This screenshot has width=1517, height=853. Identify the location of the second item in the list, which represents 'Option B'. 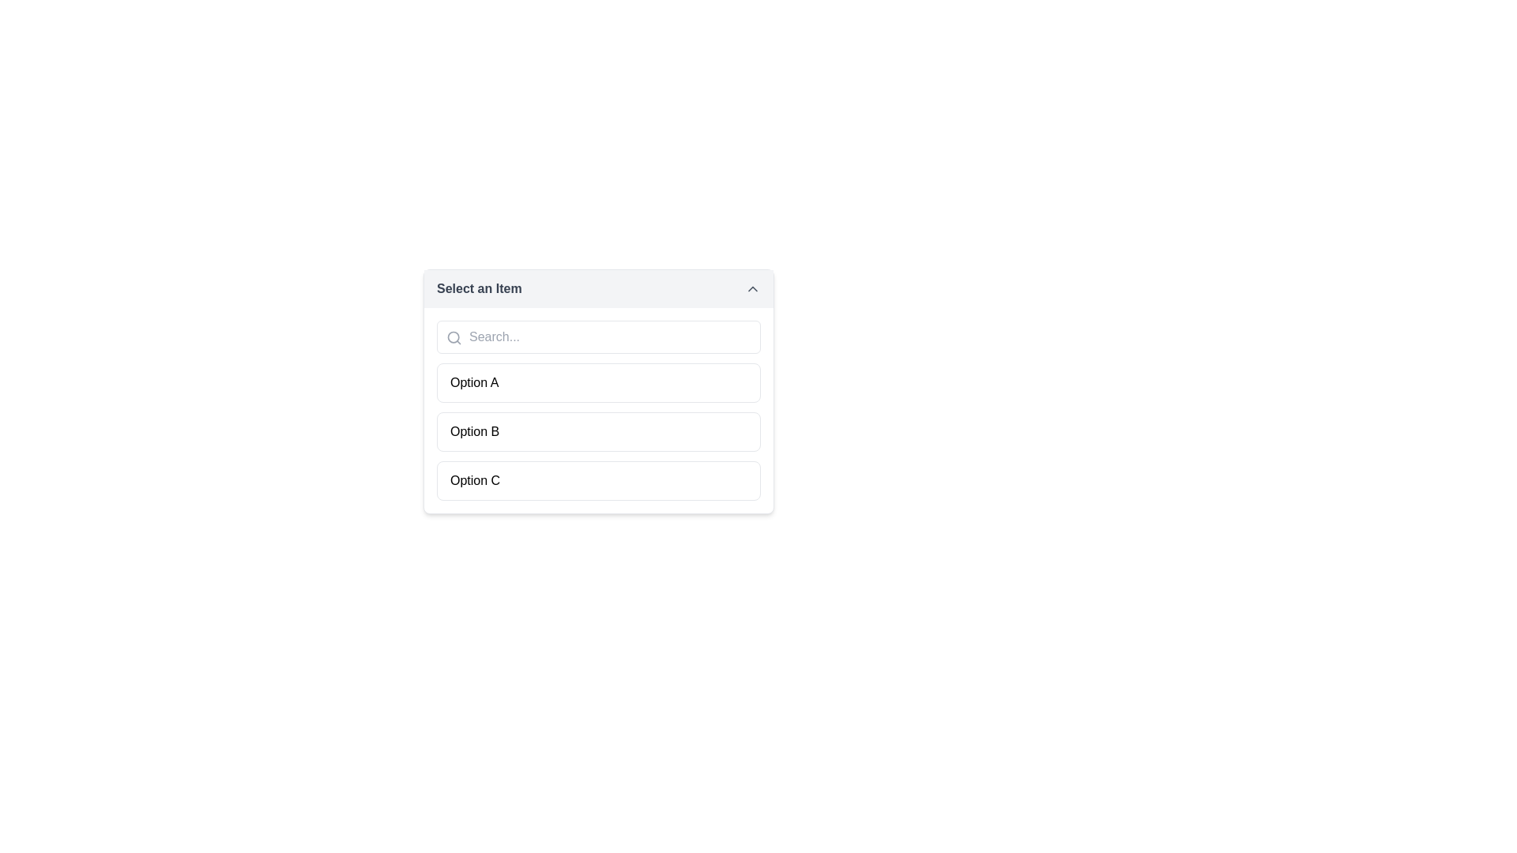
(598, 432).